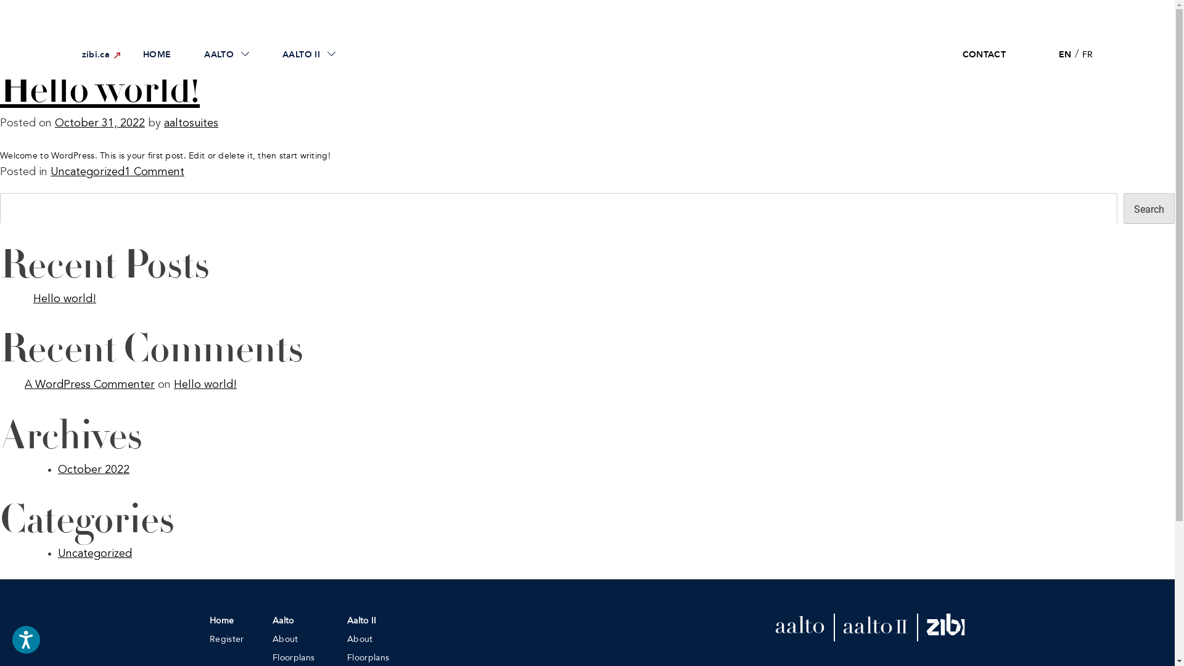  Describe the element at coordinates (221, 620) in the screenshot. I see `'Home'` at that location.